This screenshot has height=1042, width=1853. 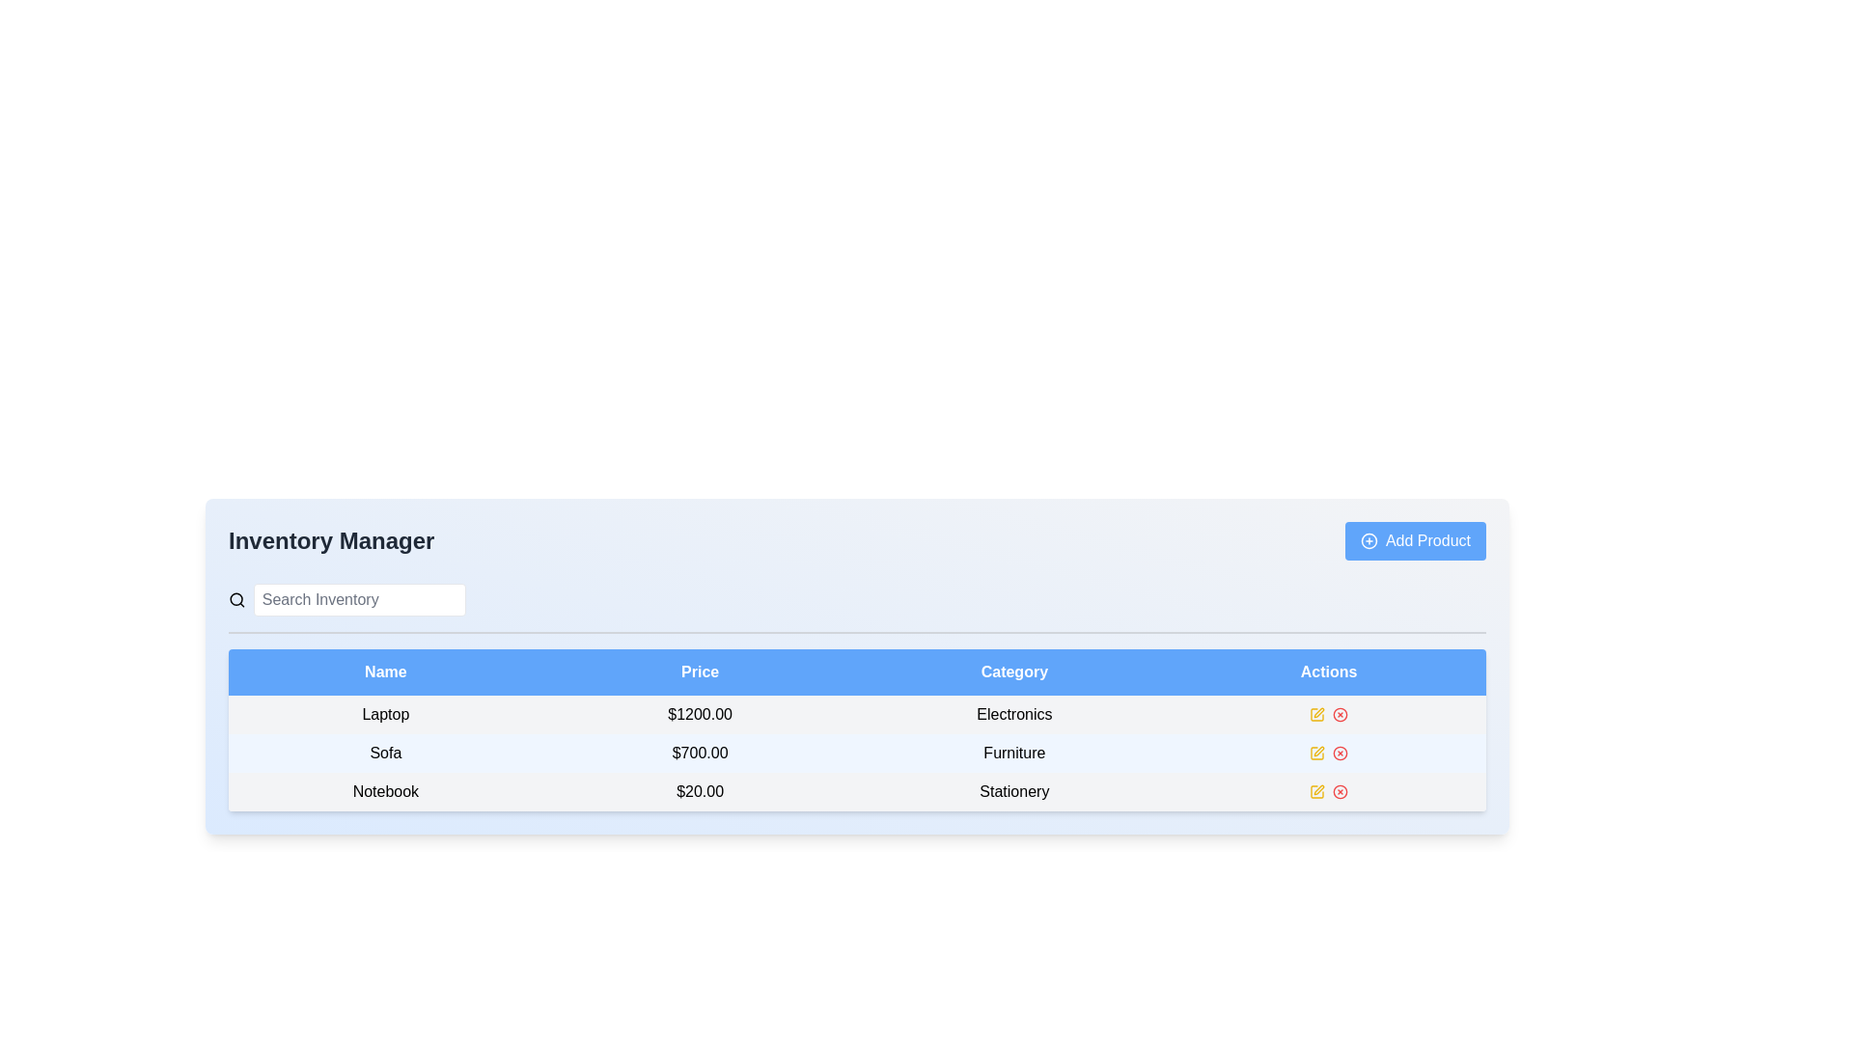 I want to click on the delete or cancel icon located in the 'Actions' column of the table, specifically in the bottom row aligned with the 'Notebook' item, so click(x=1339, y=792).